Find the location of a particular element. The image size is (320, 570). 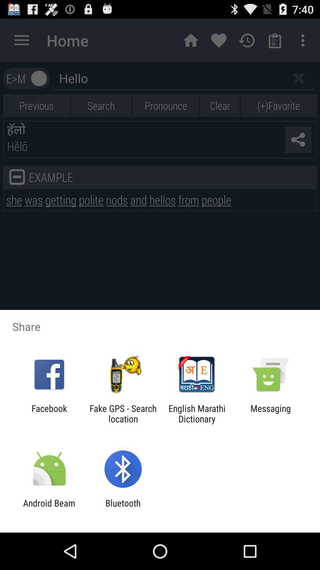

icon next to the english marathi dictionary is located at coordinates (271, 413).